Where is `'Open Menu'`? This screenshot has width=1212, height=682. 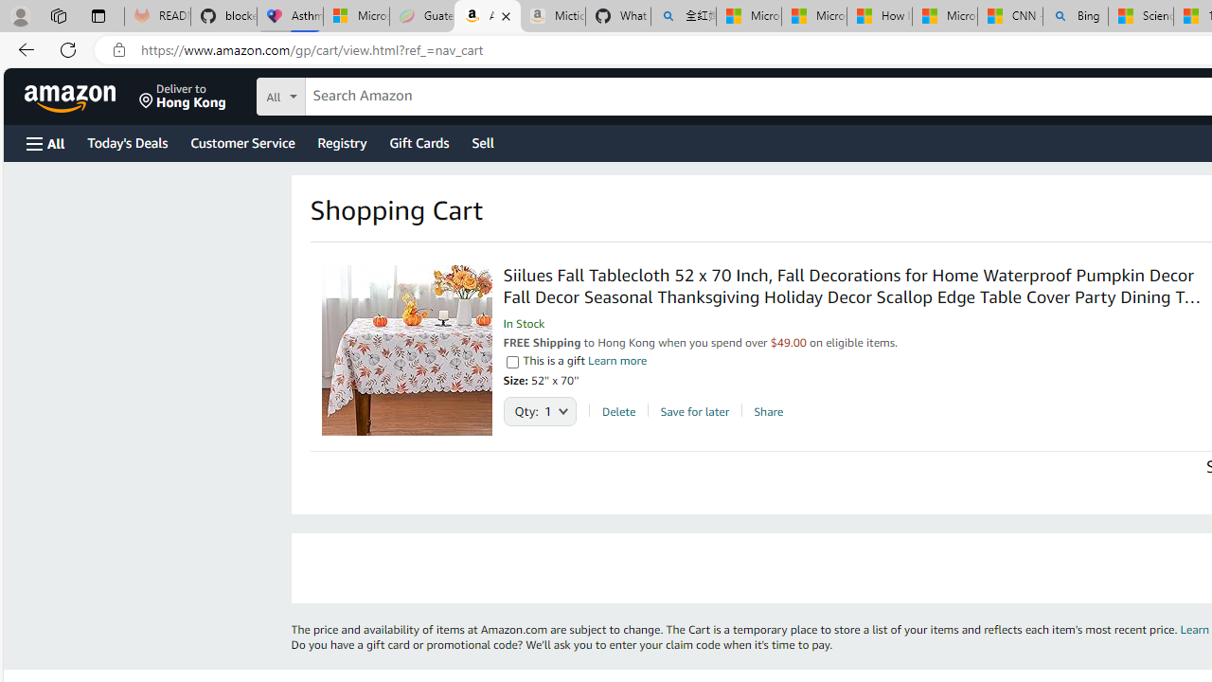
'Open Menu' is located at coordinates (45, 142).